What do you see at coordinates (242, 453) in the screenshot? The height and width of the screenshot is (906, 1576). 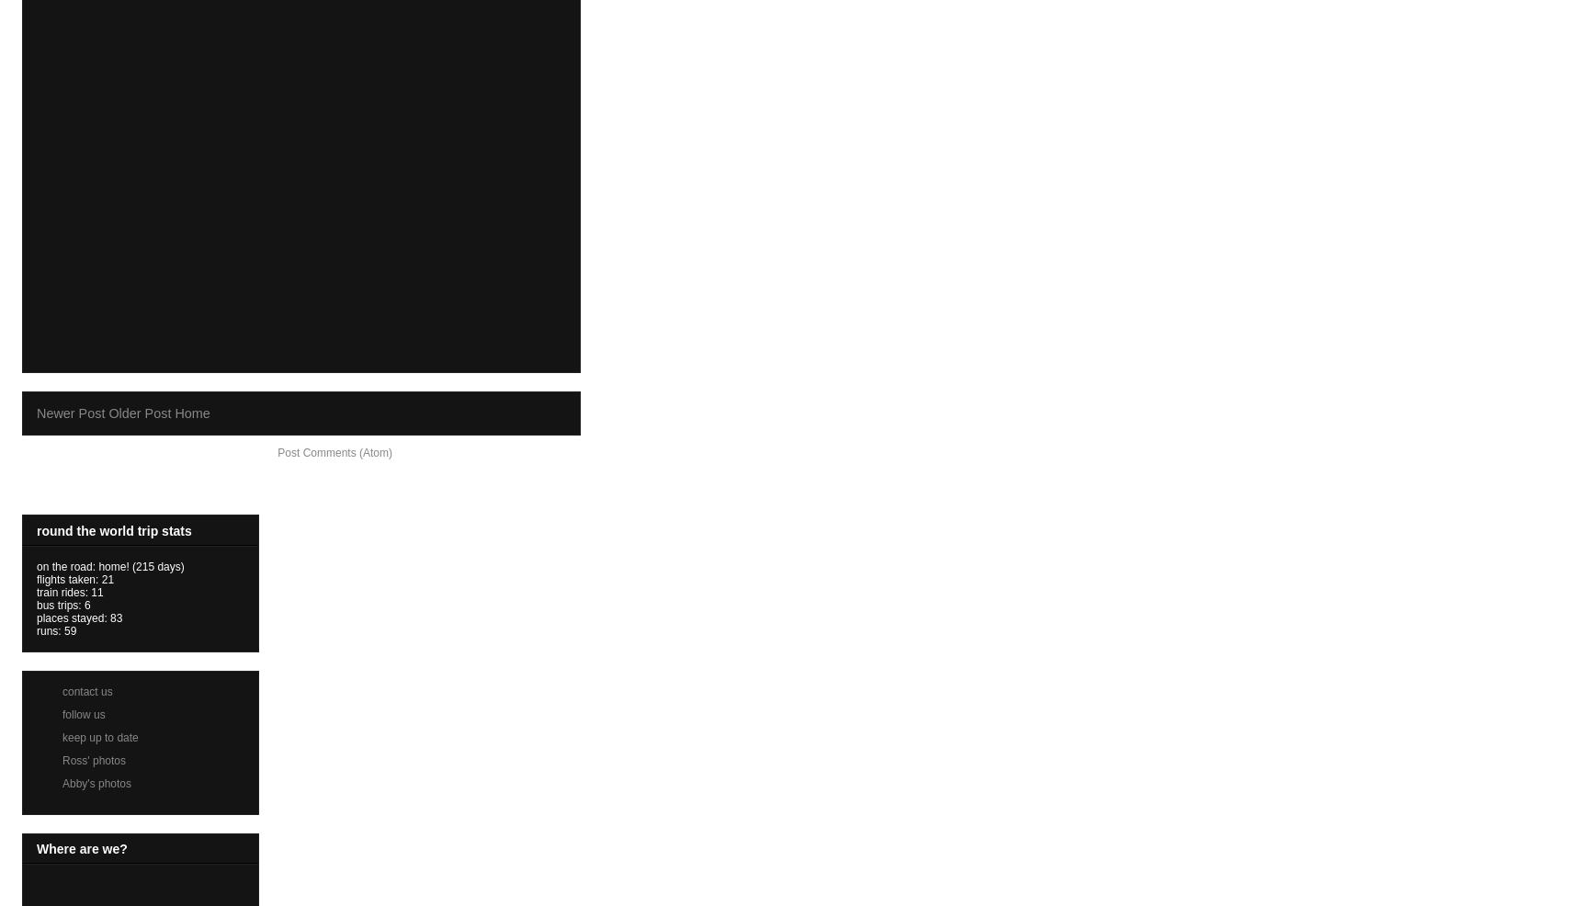 I see `'Subscribe to:'` at bounding box center [242, 453].